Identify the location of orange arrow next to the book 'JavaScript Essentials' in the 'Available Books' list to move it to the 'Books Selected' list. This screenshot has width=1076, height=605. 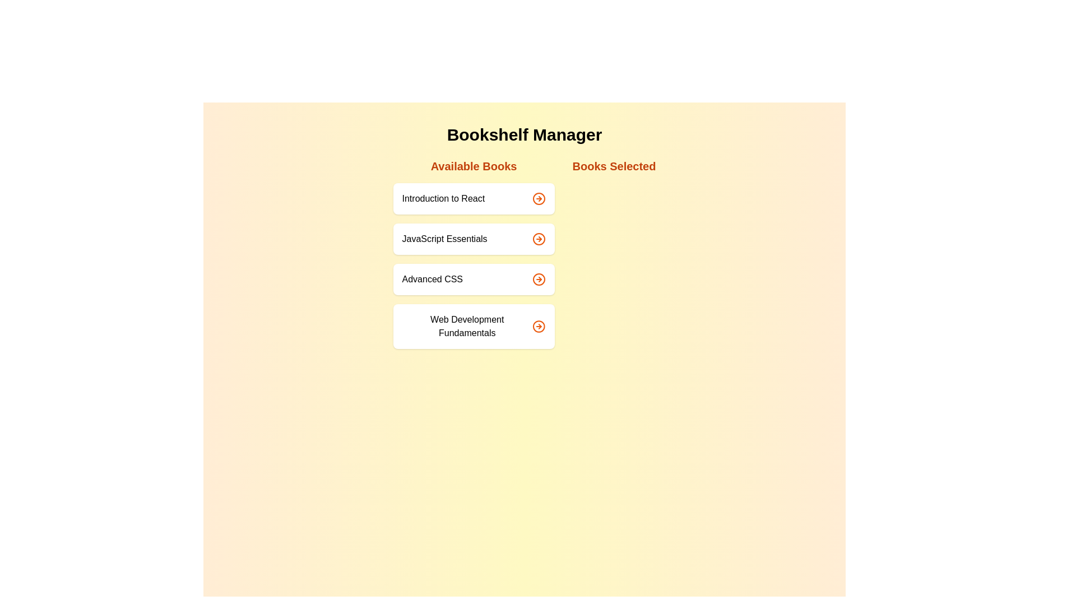
(539, 239).